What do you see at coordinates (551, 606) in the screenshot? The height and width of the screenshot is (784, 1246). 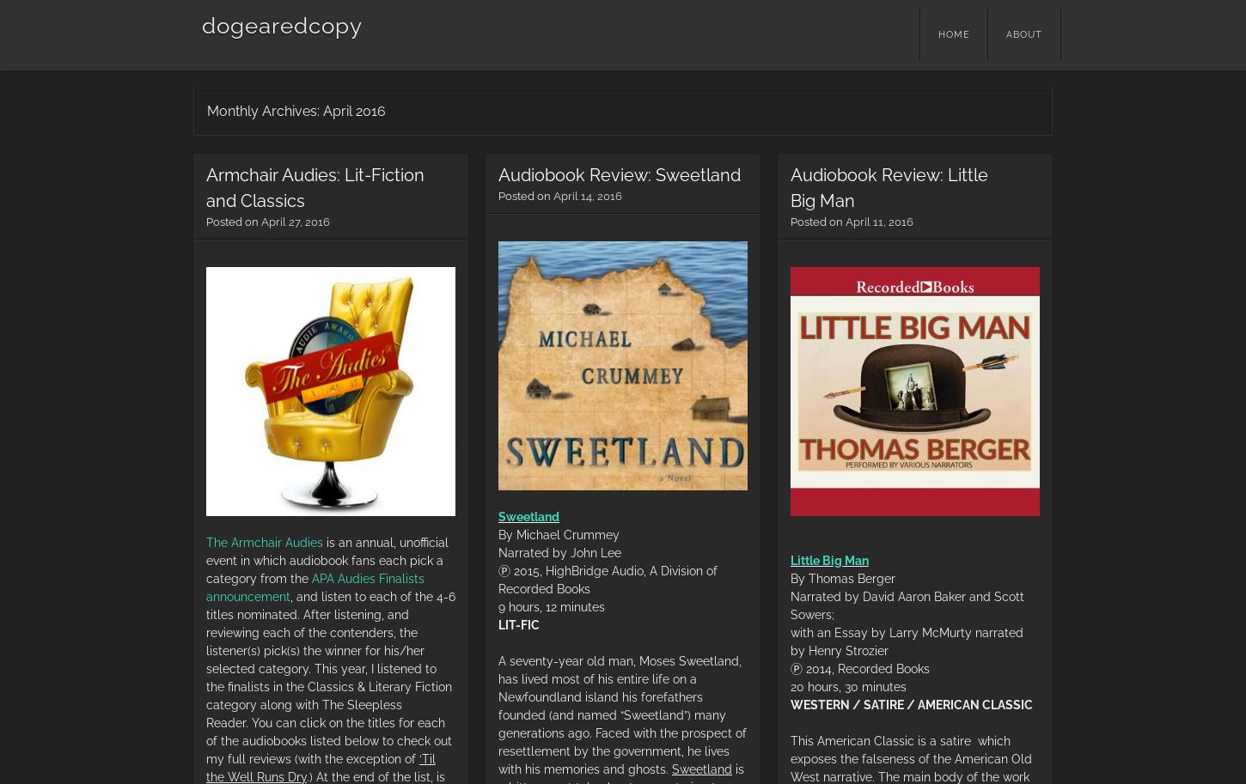 I see `'9 hours, 12 minutes'` at bounding box center [551, 606].